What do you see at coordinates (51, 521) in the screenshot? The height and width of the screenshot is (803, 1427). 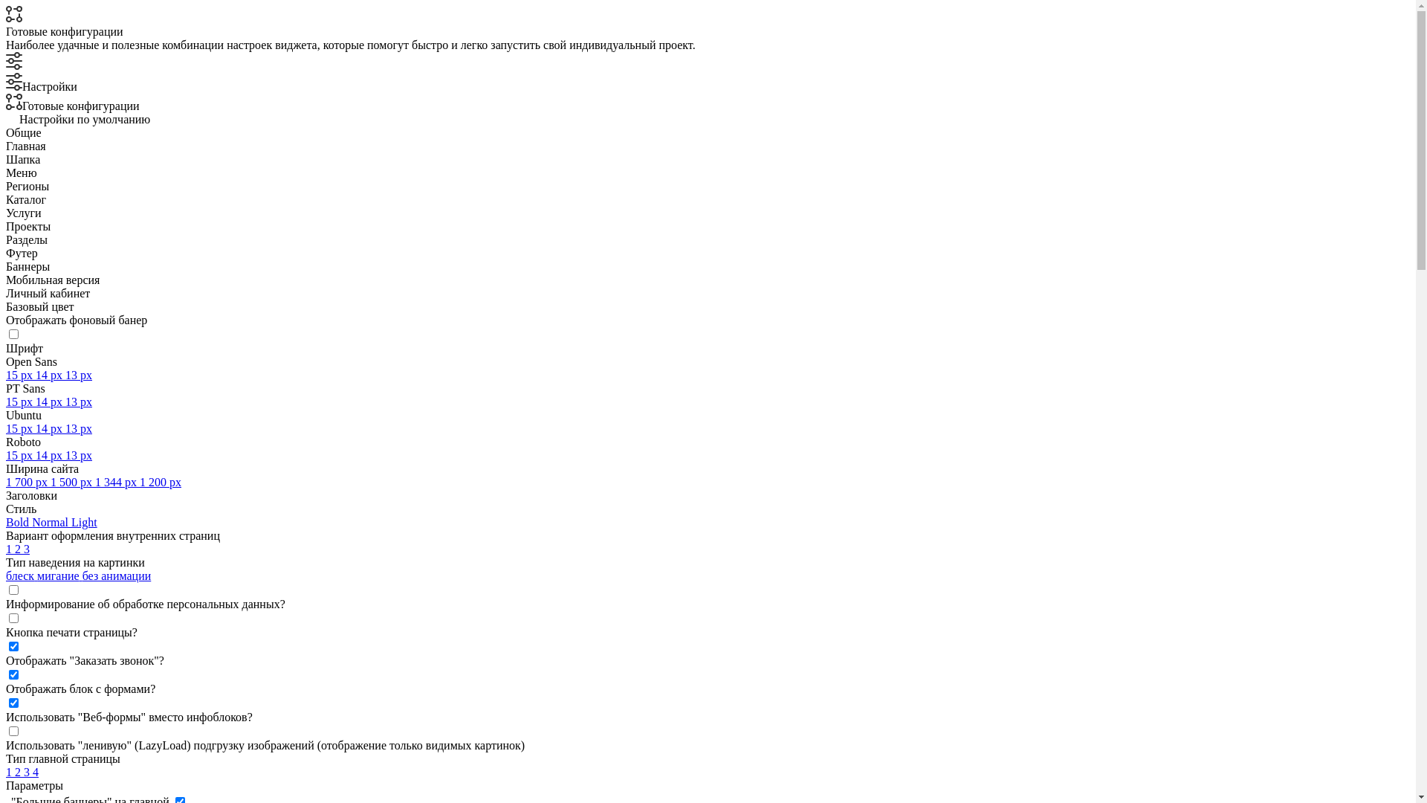 I see `'Normal'` at bounding box center [51, 521].